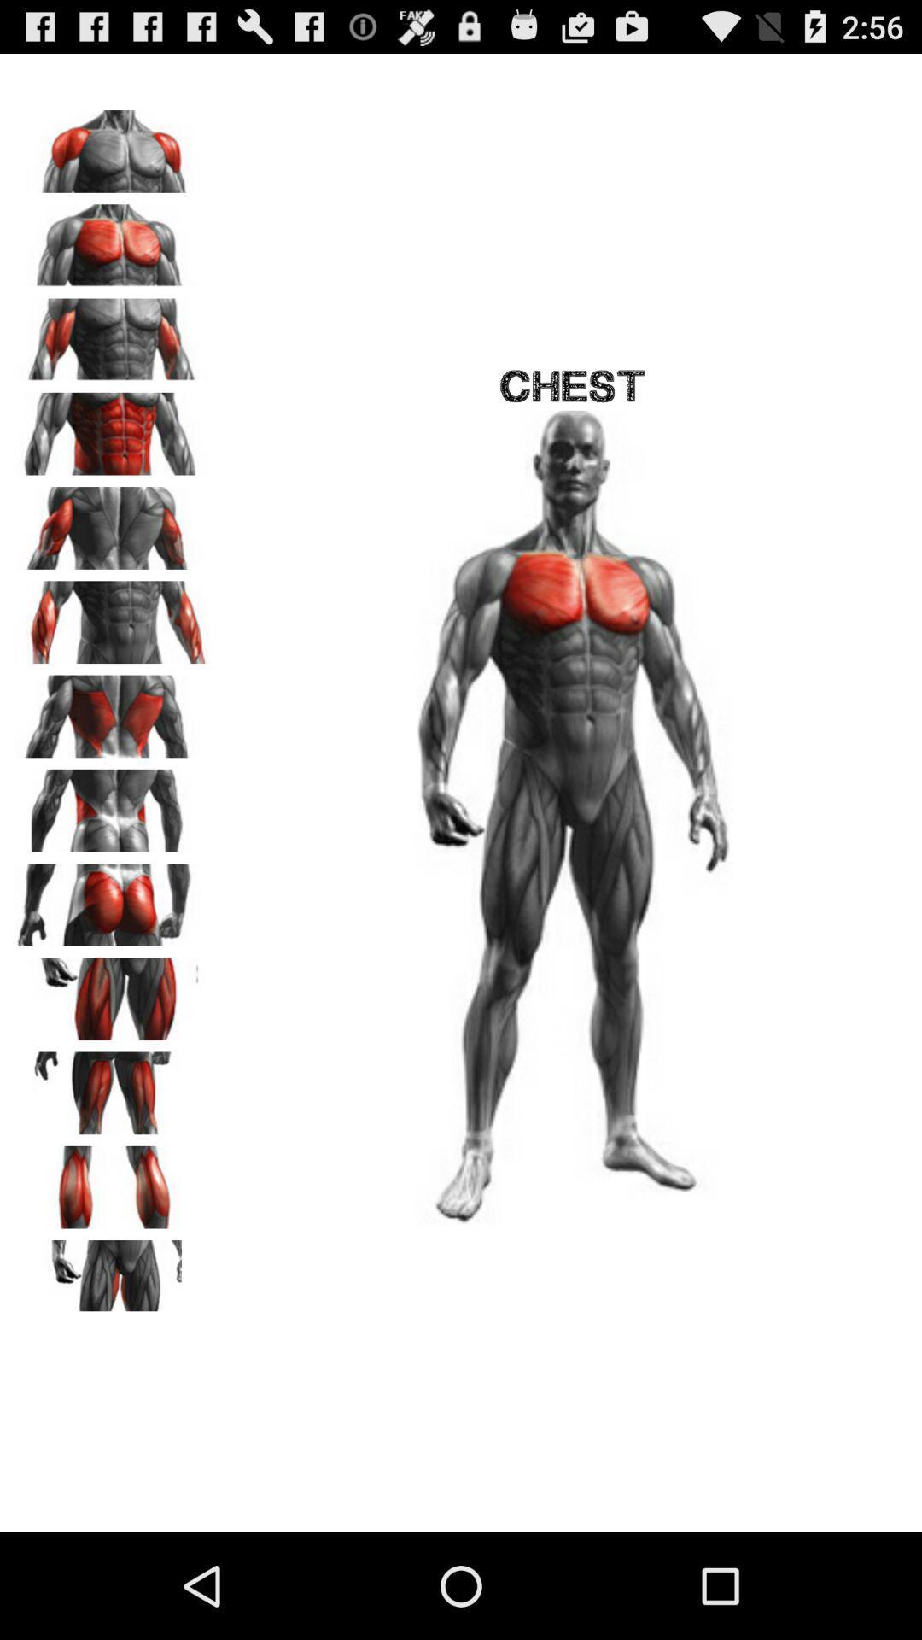 The width and height of the screenshot is (922, 1640). What do you see at coordinates (112, 804) in the screenshot?
I see `work this body part` at bounding box center [112, 804].